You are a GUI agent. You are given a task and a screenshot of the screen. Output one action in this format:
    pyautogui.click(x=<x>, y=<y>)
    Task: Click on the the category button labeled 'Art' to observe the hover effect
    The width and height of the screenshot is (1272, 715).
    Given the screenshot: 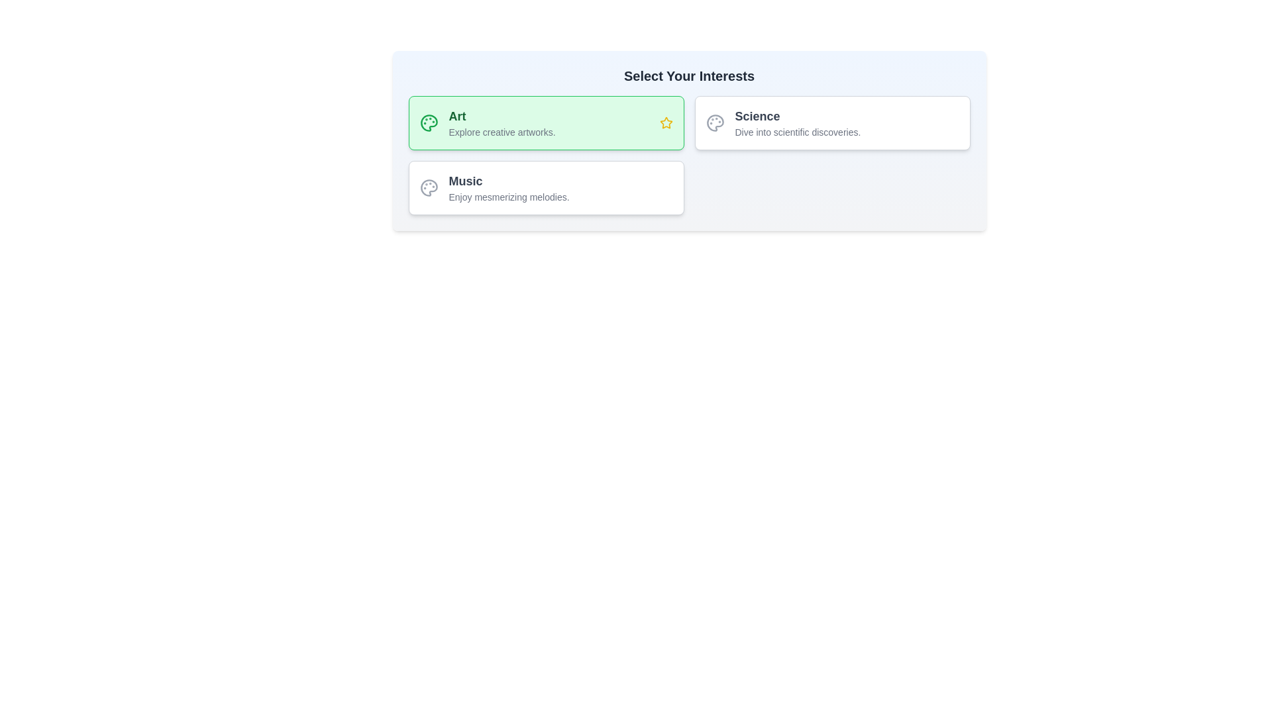 What is the action you would take?
    pyautogui.click(x=546, y=122)
    